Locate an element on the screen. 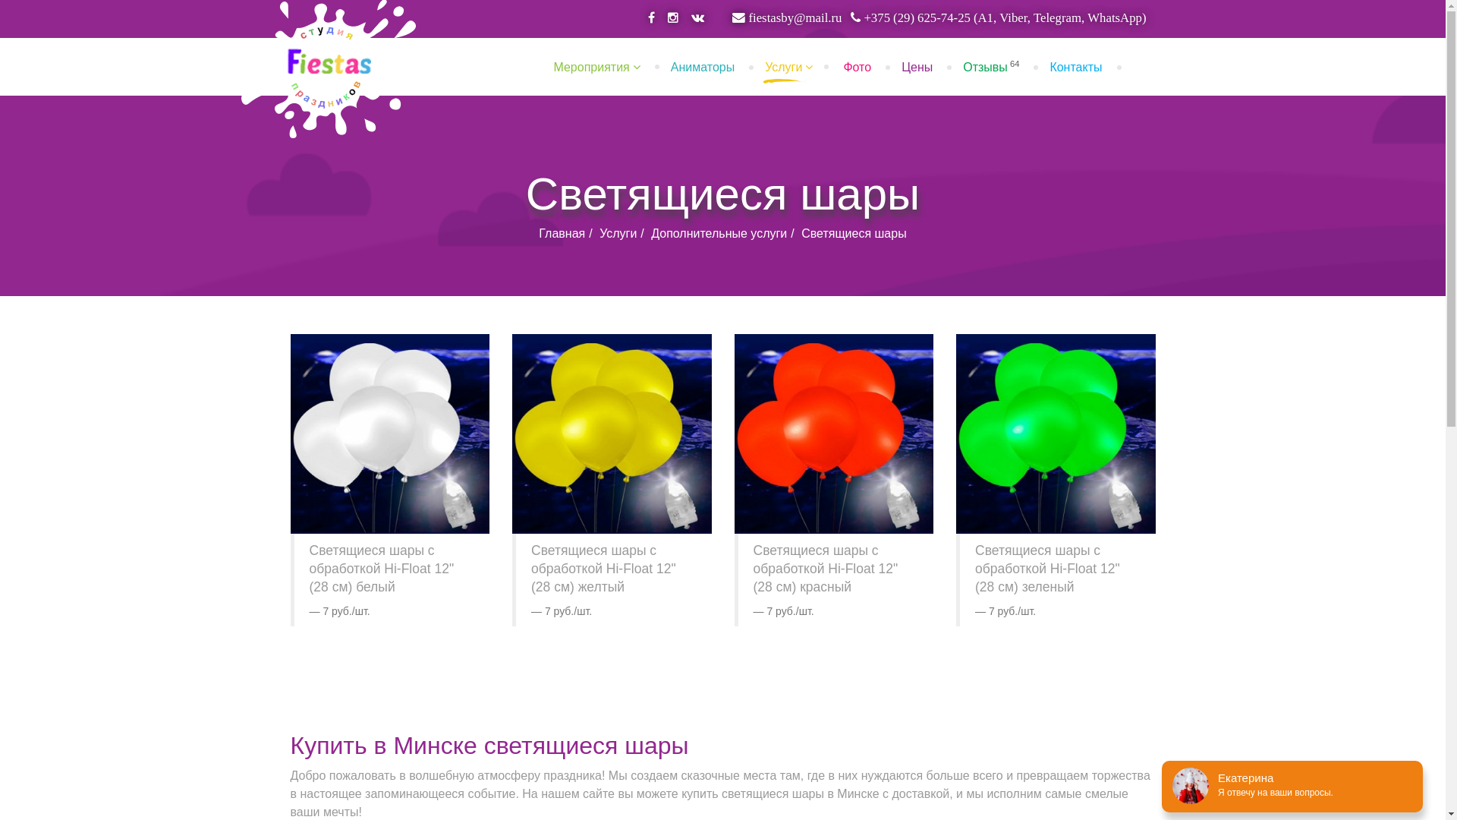 This screenshot has width=1457, height=820. 'fiestasby@mail.ru' is located at coordinates (786, 17).